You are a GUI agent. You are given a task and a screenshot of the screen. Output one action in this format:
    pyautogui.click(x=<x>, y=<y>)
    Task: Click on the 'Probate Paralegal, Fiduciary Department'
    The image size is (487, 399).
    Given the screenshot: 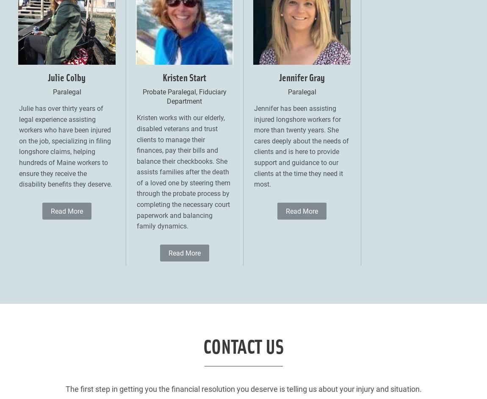 What is the action you would take?
    pyautogui.click(x=184, y=96)
    